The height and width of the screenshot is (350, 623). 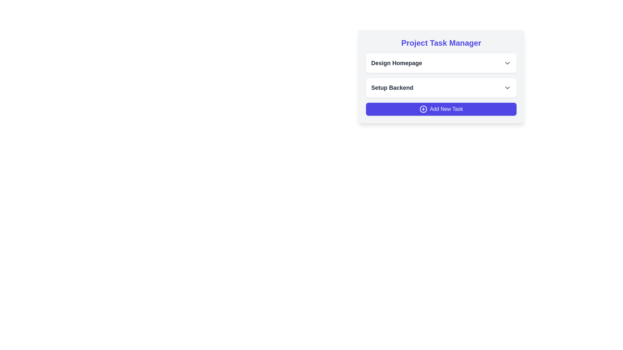 I want to click on the text label for the project task 'Setup Backend', which is located directly beneath the 'Design Homepage' label, to provide context about this specific task, so click(x=392, y=87).